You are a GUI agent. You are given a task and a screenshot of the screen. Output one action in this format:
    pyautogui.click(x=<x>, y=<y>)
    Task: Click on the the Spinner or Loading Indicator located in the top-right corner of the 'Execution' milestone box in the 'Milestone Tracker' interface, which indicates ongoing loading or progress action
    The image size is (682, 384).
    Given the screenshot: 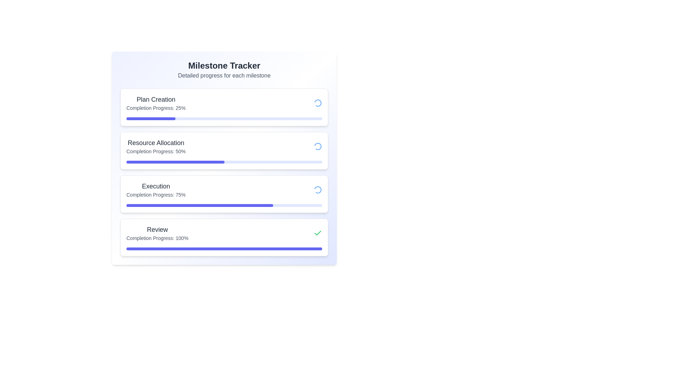 What is the action you would take?
    pyautogui.click(x=317, y=189)
    